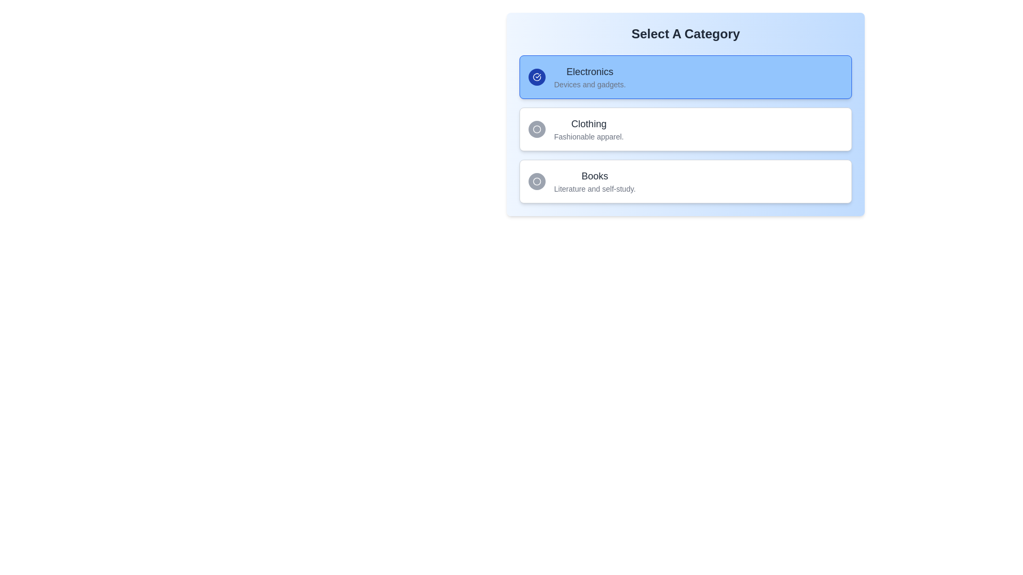 Image resolution: width=1023 pixels, height=575 pixels. What do you see at coordinates (594, 176) in the screenshot?
I see `'Books' label, which is a large, bold text header in dark gray, positioned third in the vertical list of category options` at bounding box center [594, 176].